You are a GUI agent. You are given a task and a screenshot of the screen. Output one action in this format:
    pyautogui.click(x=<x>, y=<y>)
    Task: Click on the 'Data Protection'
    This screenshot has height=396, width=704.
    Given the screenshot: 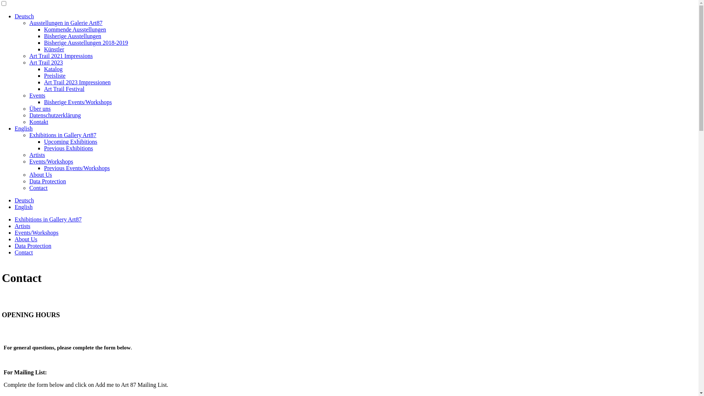 What is the action you would take?
    pyautogui.click(x=29, y=181)
    